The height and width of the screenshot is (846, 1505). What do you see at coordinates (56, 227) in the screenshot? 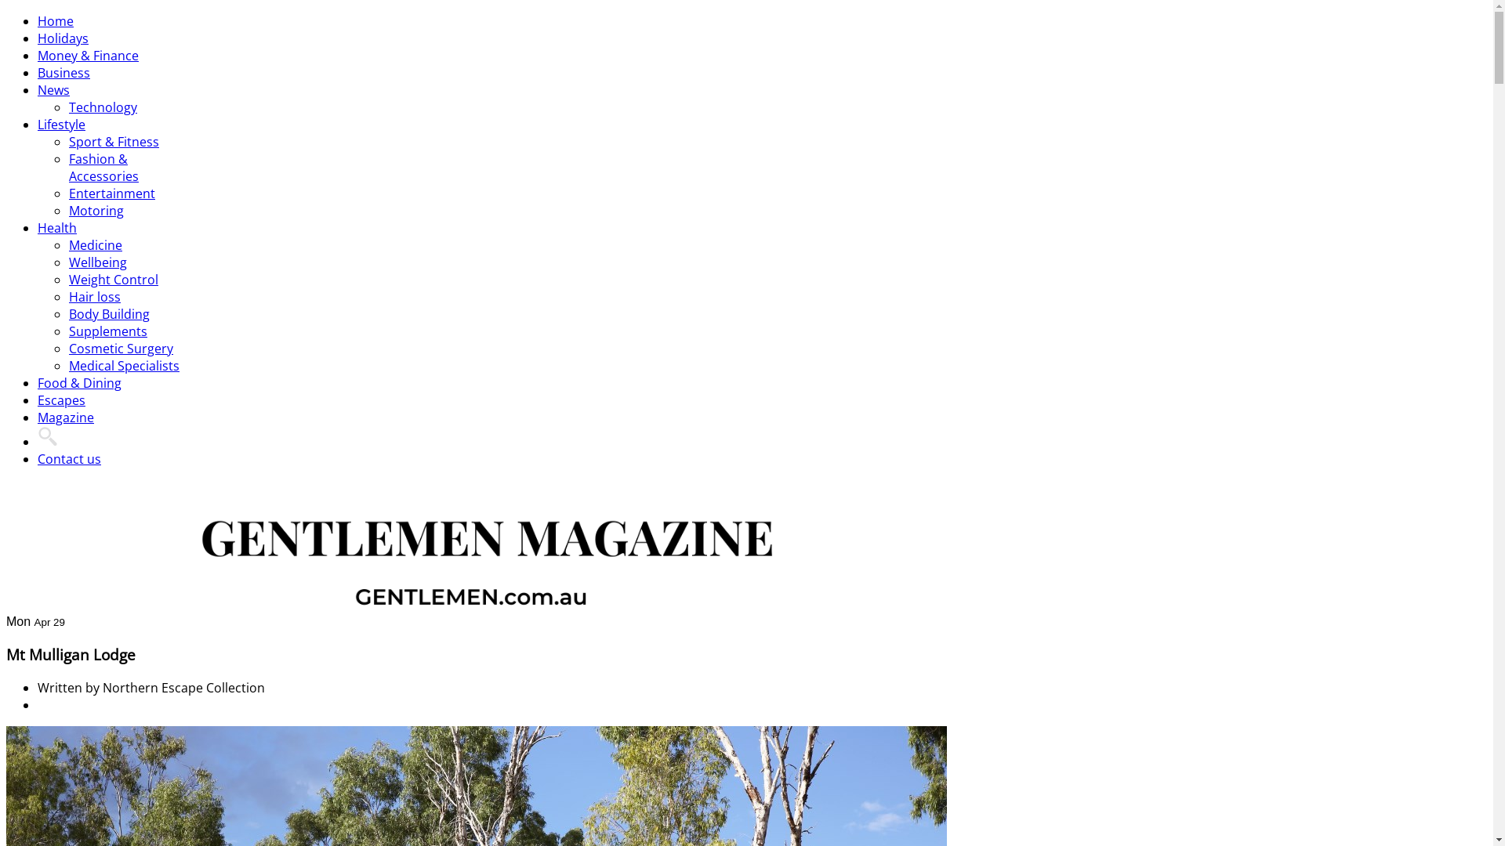
I see `'Health'` at bounding box center [56, 227].